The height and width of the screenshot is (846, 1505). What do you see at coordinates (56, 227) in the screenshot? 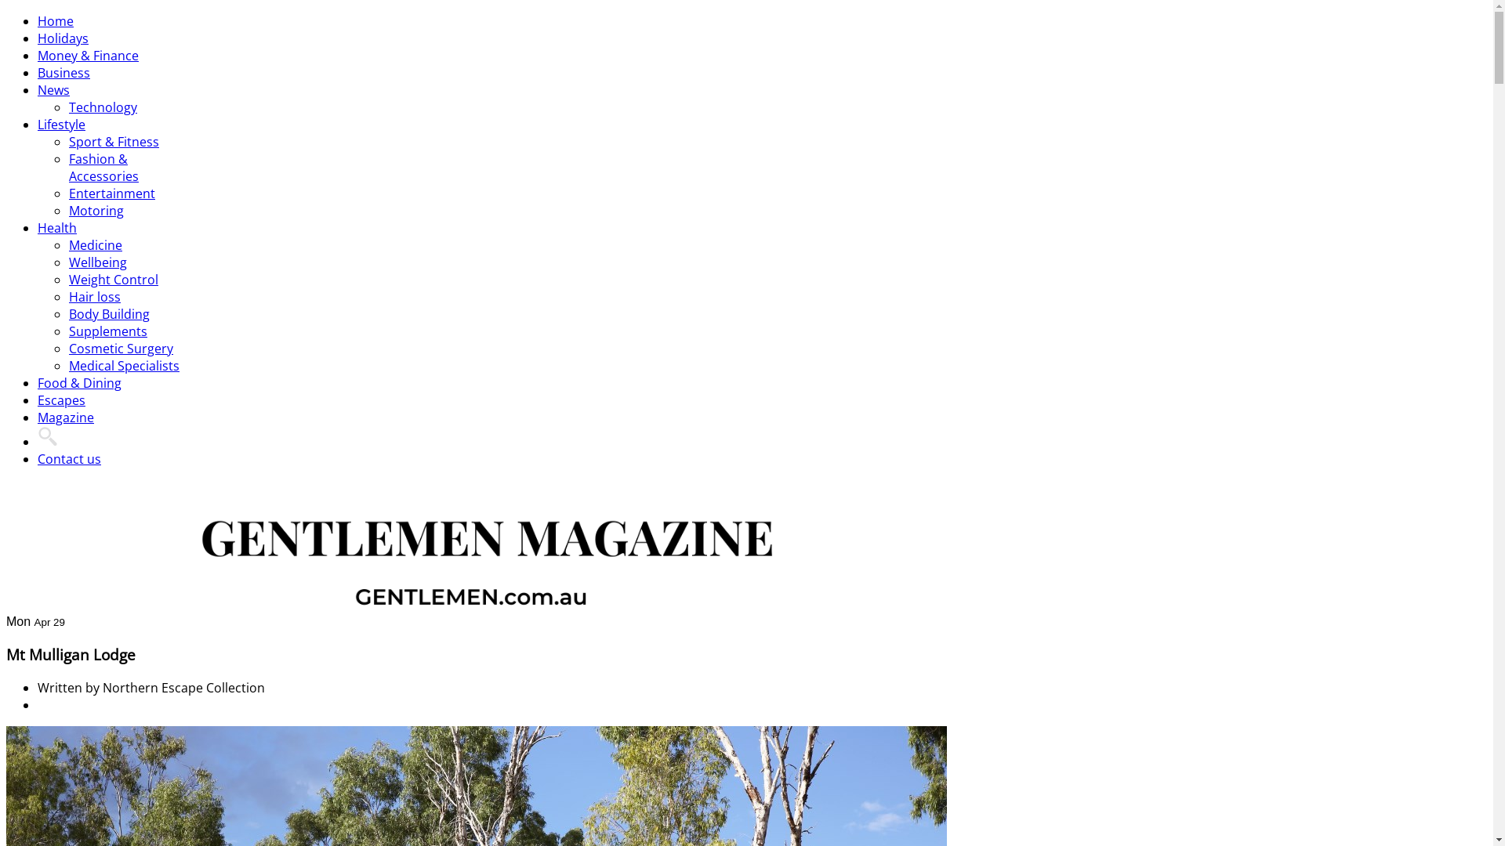
I see `'Health'` at bounding box center [56, 227].